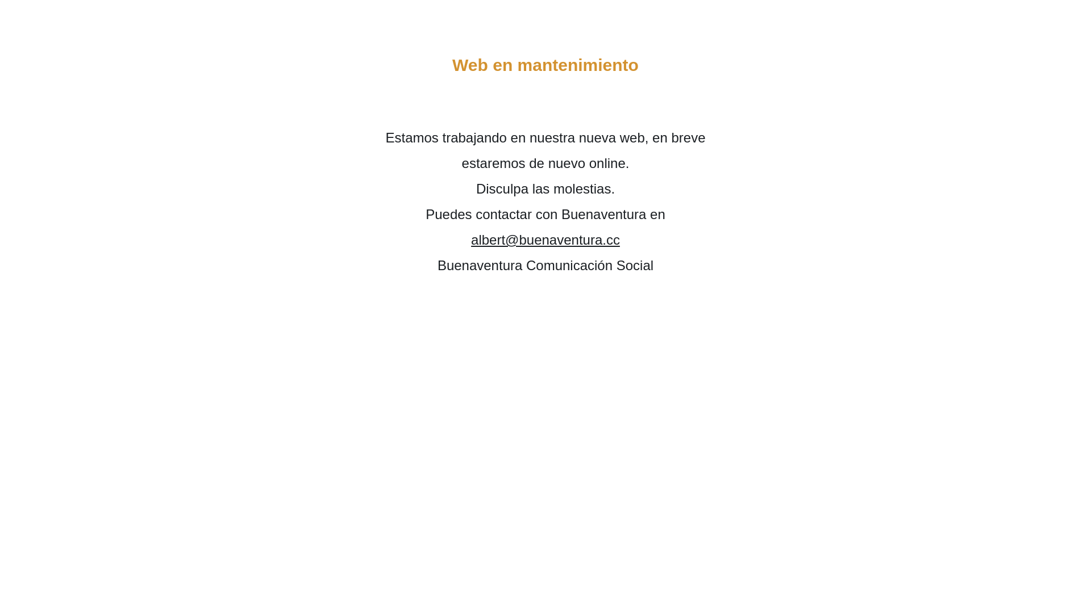  I want to click on 'albert@buenaventura.cc', so click(545, 239).